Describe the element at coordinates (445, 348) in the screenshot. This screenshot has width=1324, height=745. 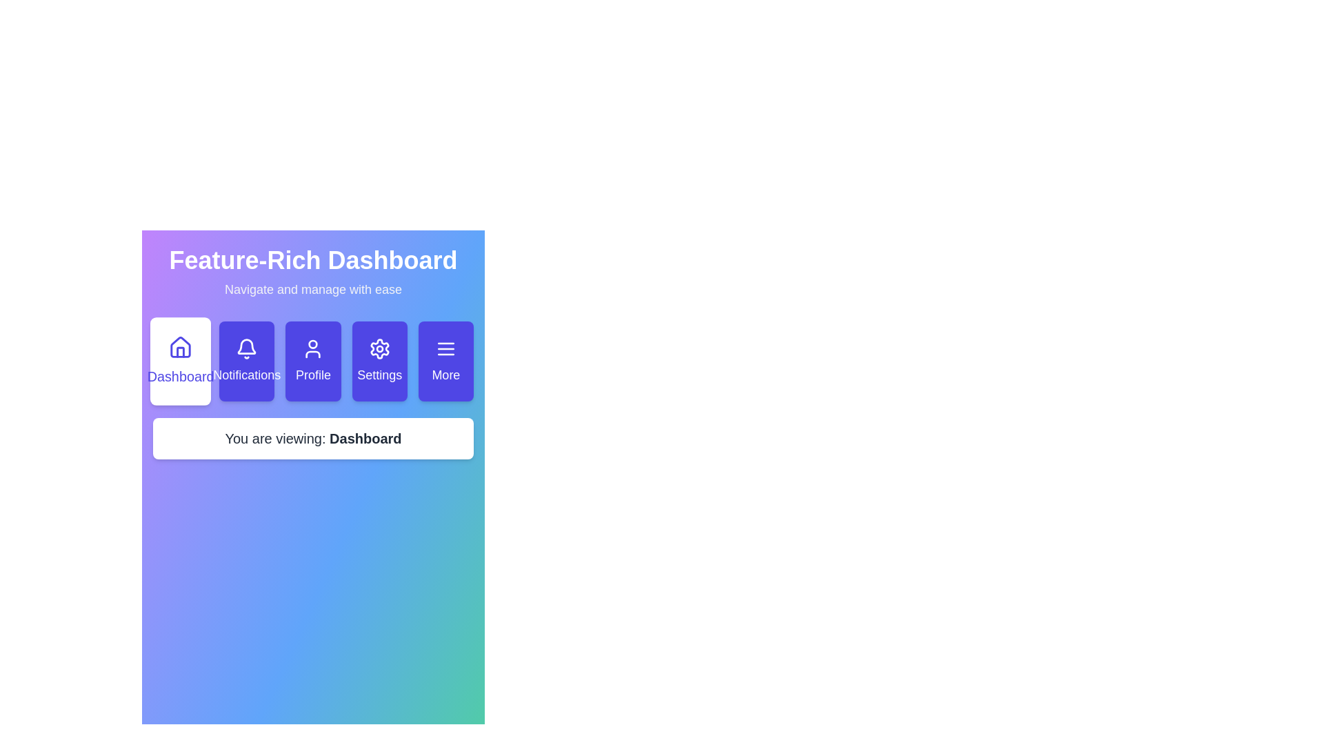
I see `the 'More' button which contains a hamburger menu icon, styled in white on a purple circular background, located at the center of the button` at that location.